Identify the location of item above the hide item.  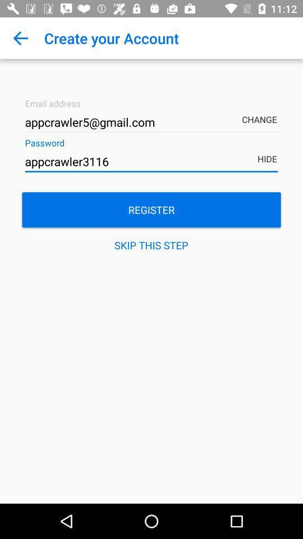
(261, 112).